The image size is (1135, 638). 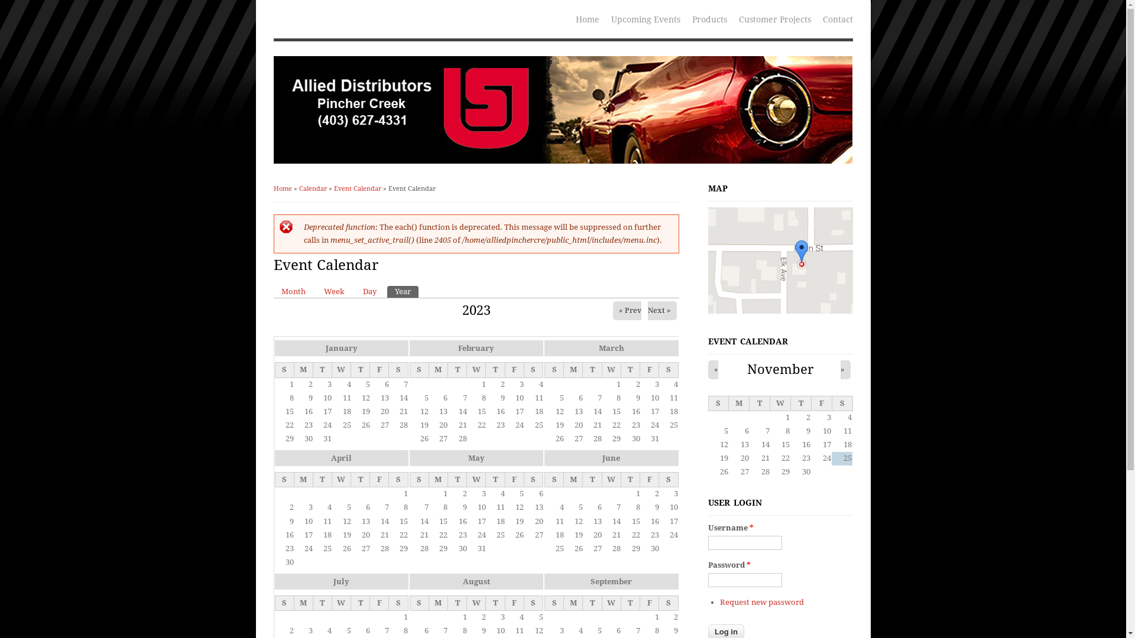 I want to click on 'September', so click(x=611, y=581).